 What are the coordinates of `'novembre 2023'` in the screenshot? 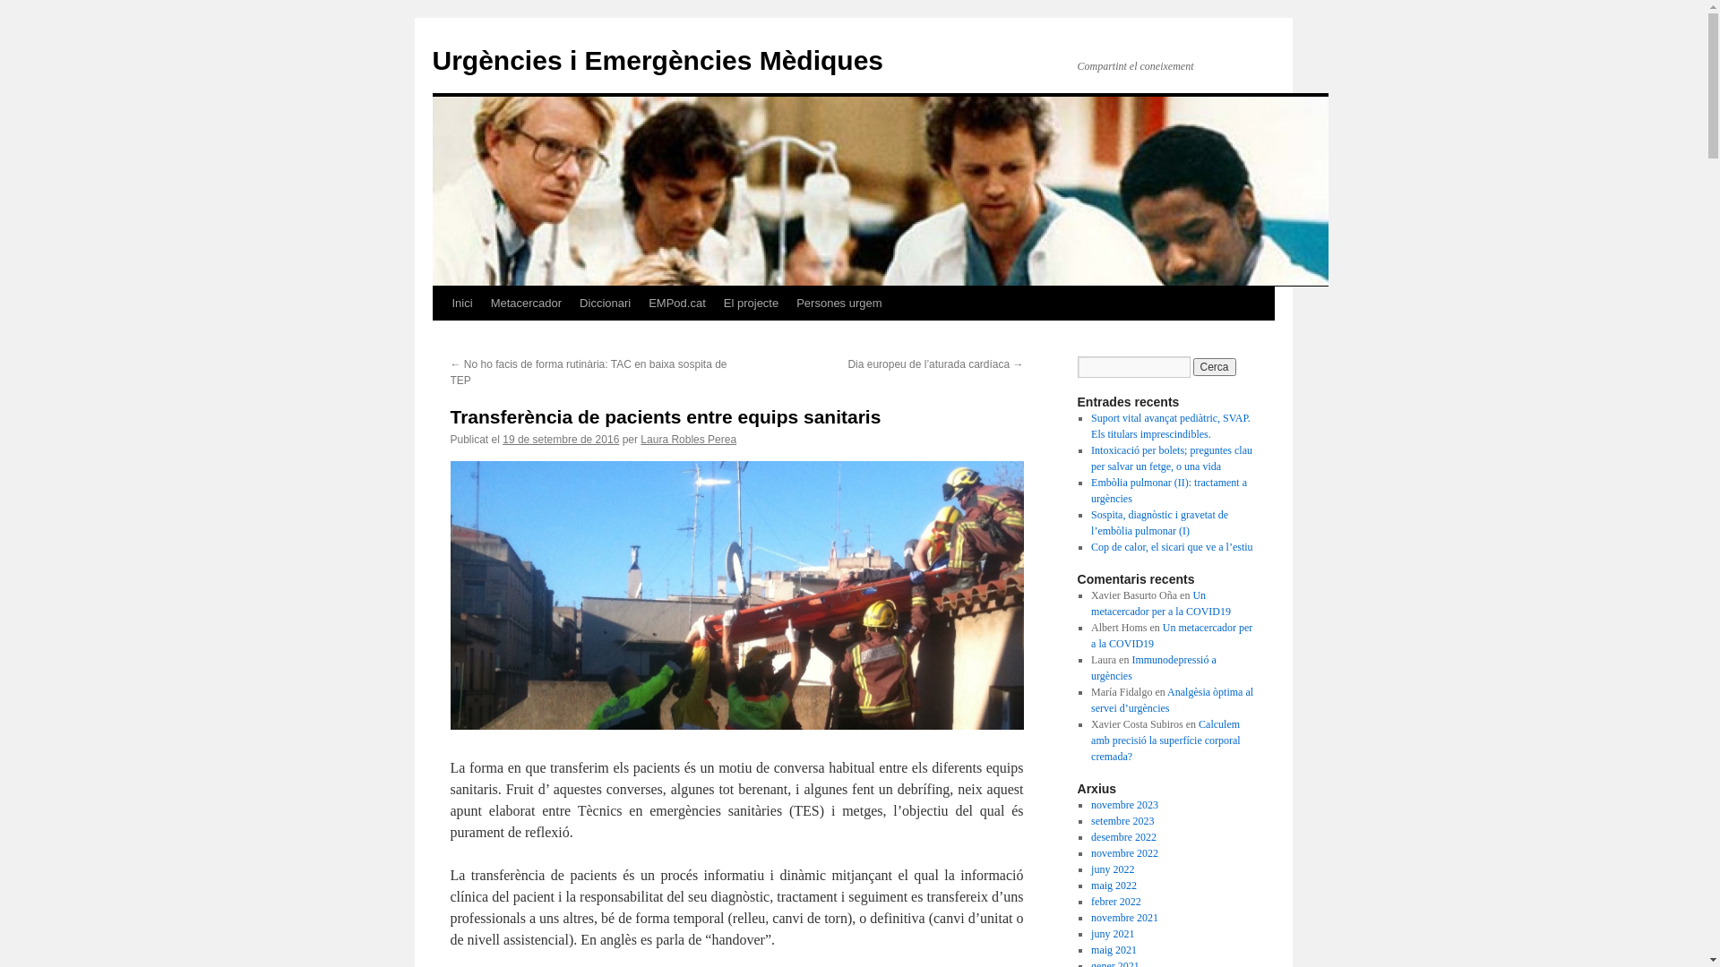 It's located at (1123, 803).